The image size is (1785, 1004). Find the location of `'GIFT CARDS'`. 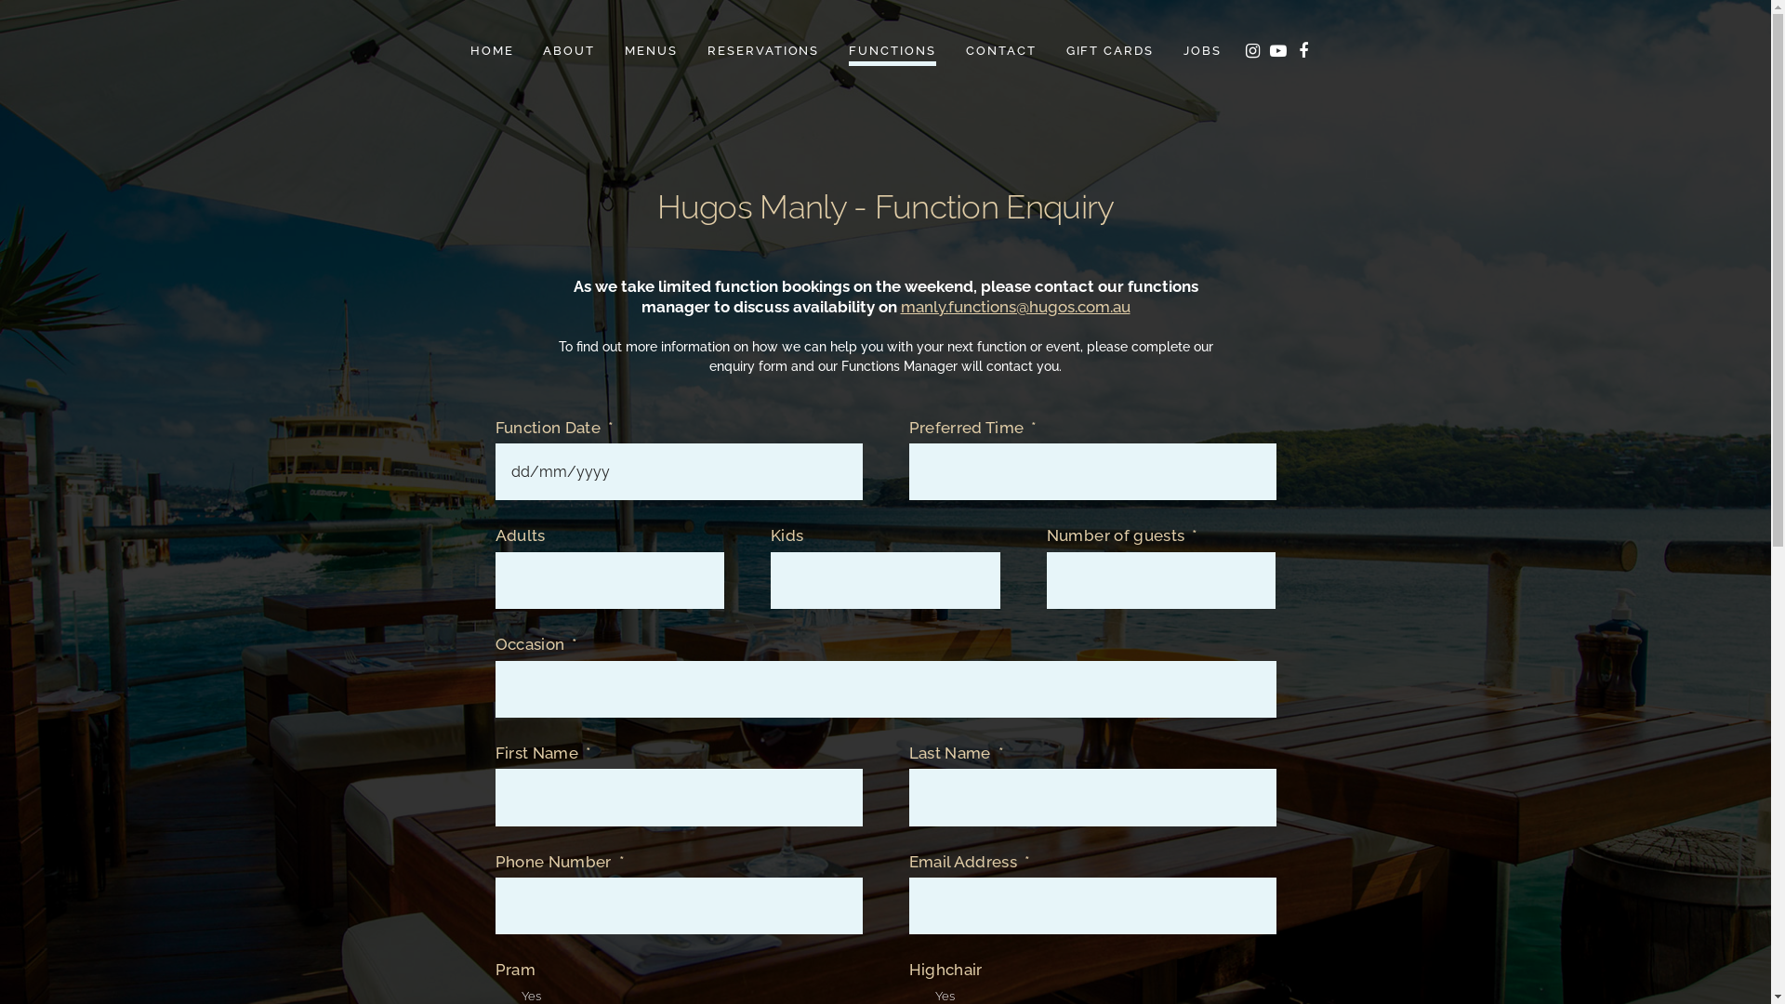

'GIFT CARDS' is located at coordinates (1110, 49).